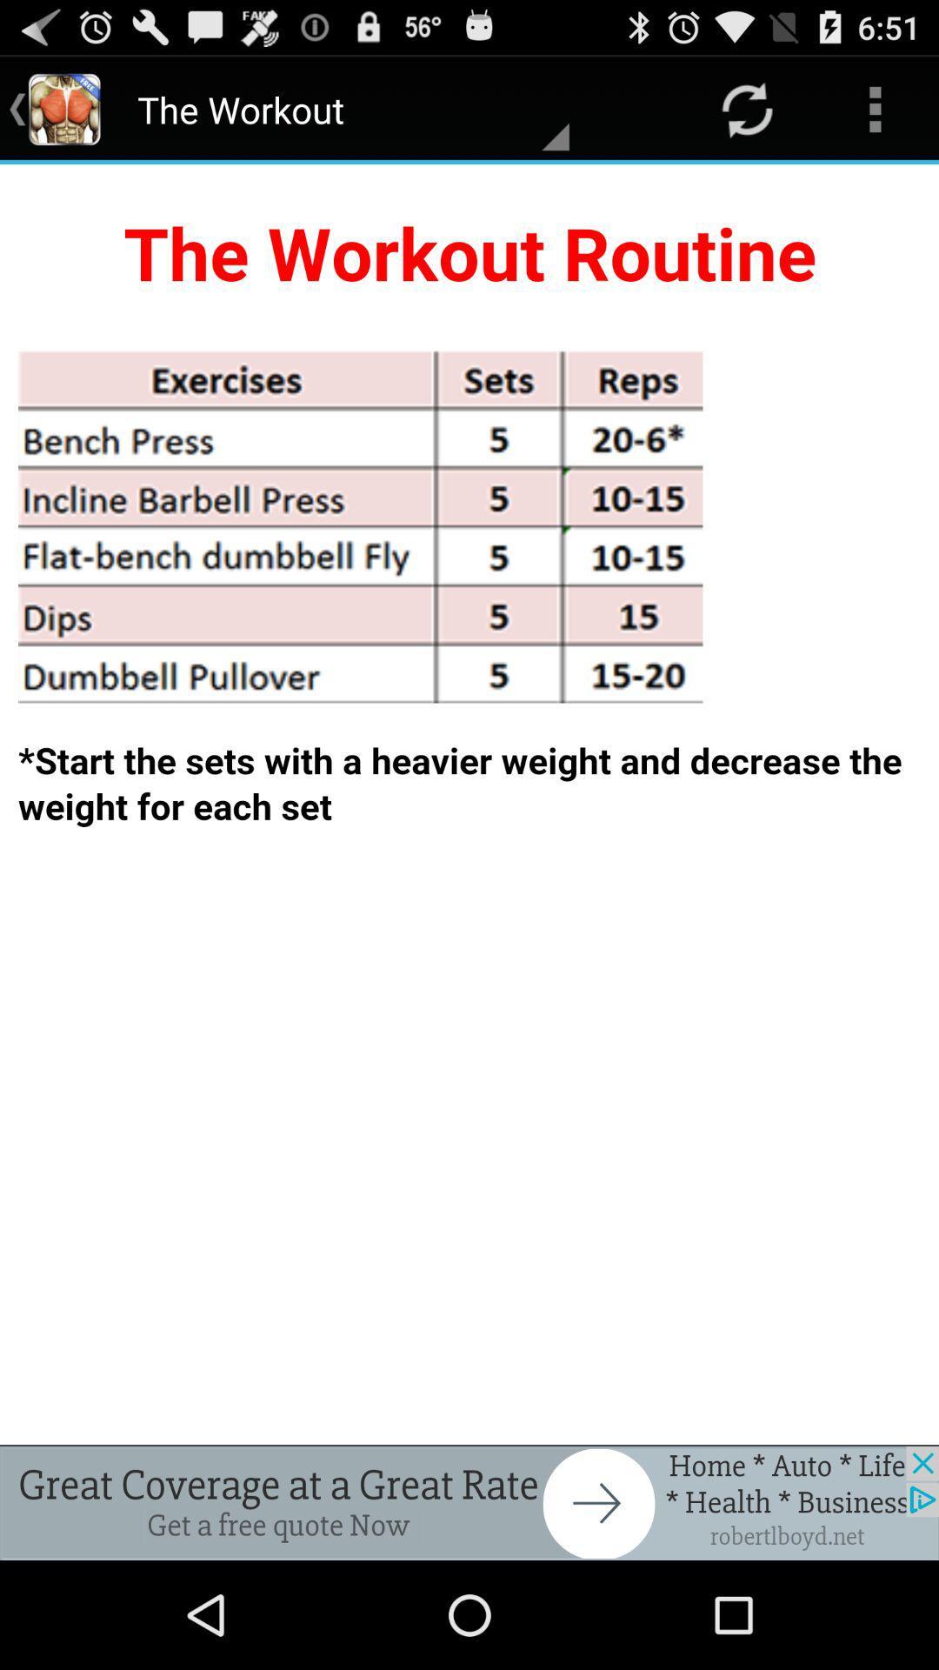 This screenshot has height=1670, width=939. Describe the element at coordinates (469, 1502) in the screenshot. I see `explore the advertisement` at that location.